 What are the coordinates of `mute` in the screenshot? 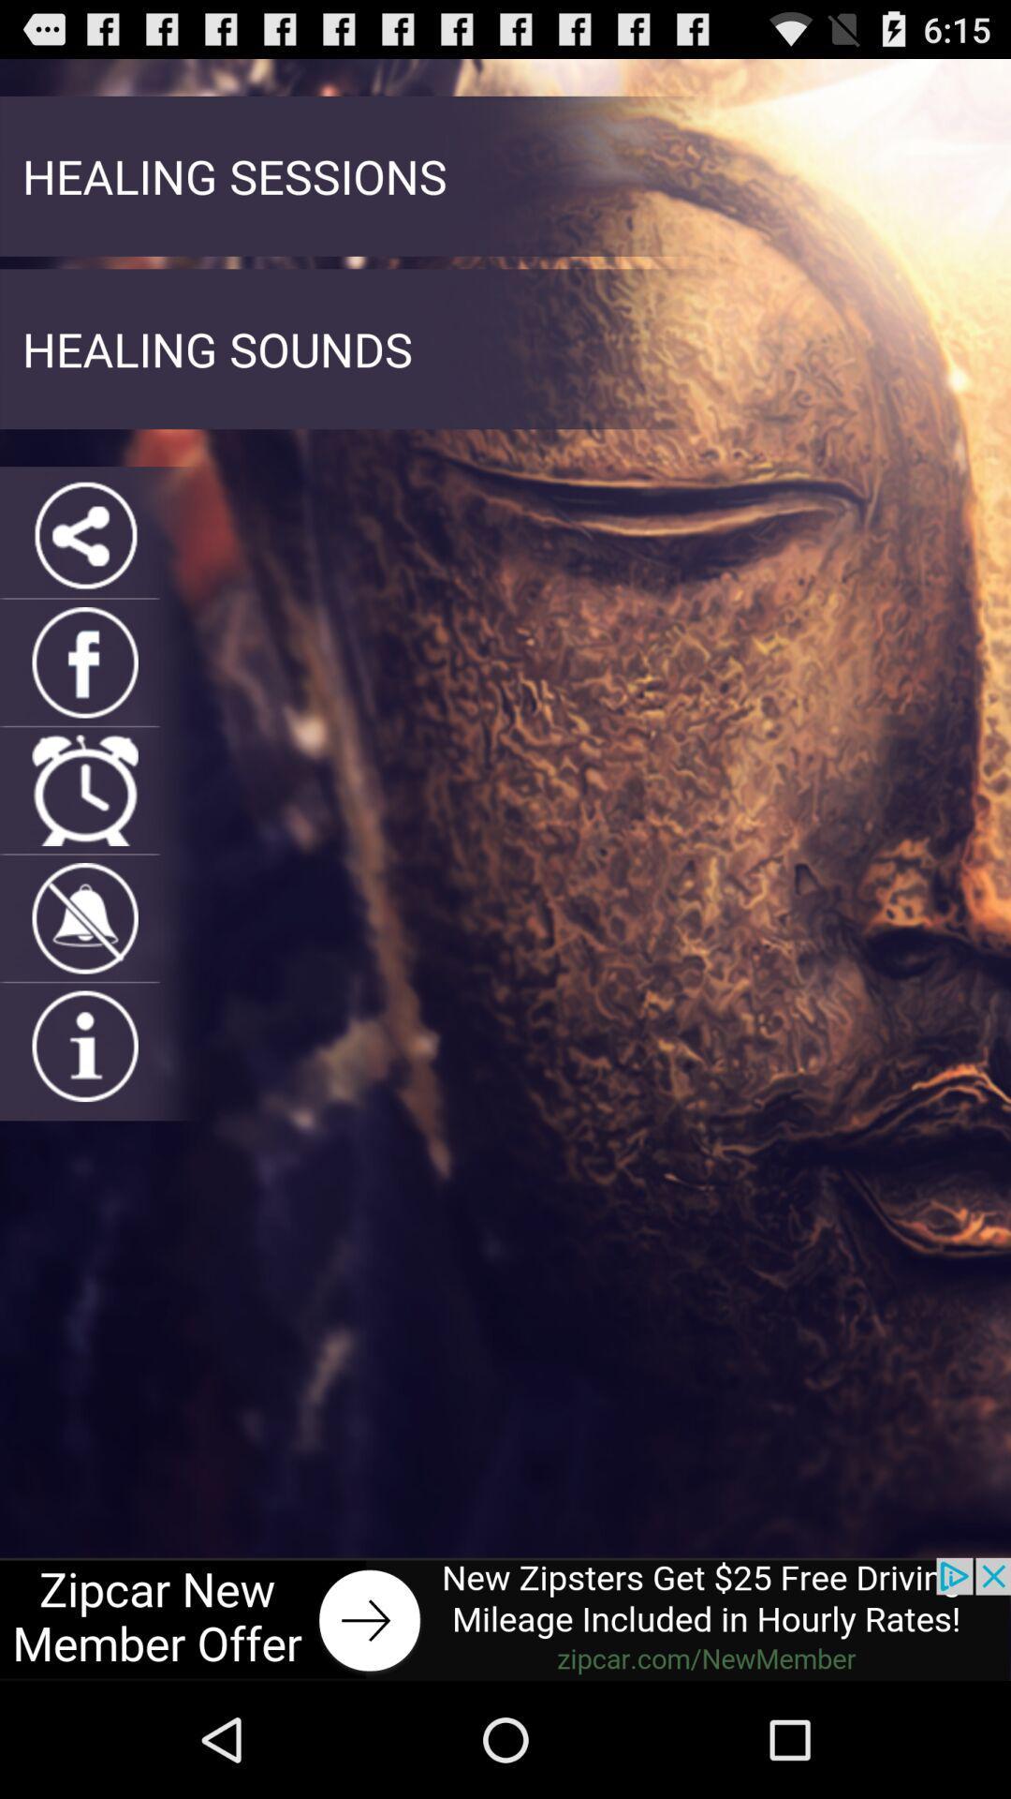 It's located at (85, 918).